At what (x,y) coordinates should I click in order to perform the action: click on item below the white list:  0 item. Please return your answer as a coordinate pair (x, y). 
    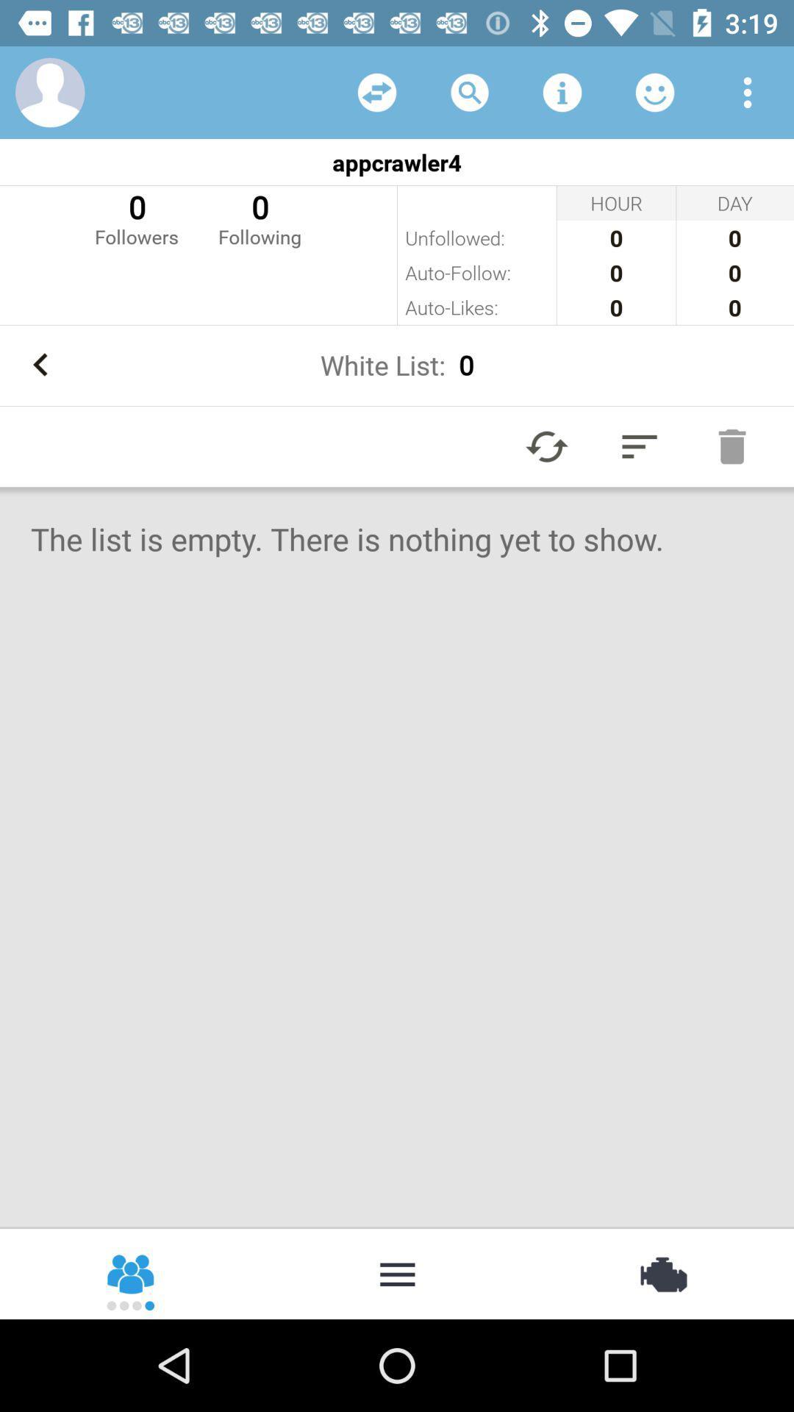
    Looking at the image, I should click on (639, 446).